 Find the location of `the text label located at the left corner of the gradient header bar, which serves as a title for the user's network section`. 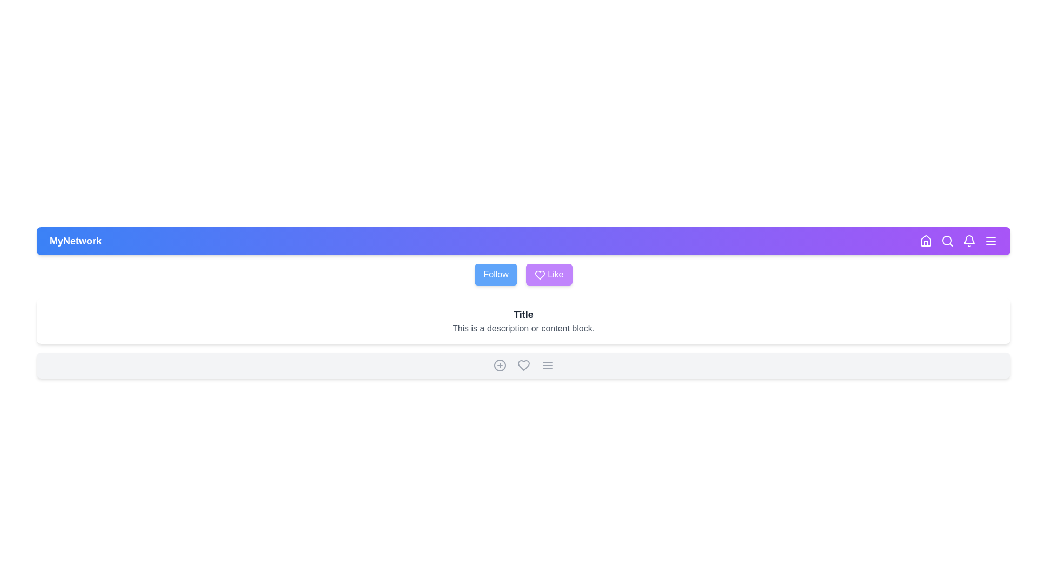

the text label located at the left corner of the gradient header bar, which serves as a title for the user's network section is located at coordinates (75, 241).